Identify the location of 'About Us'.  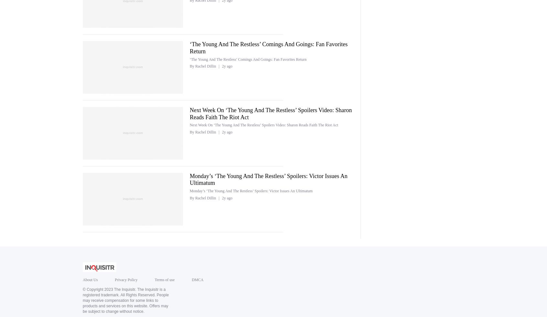
(90, 280).